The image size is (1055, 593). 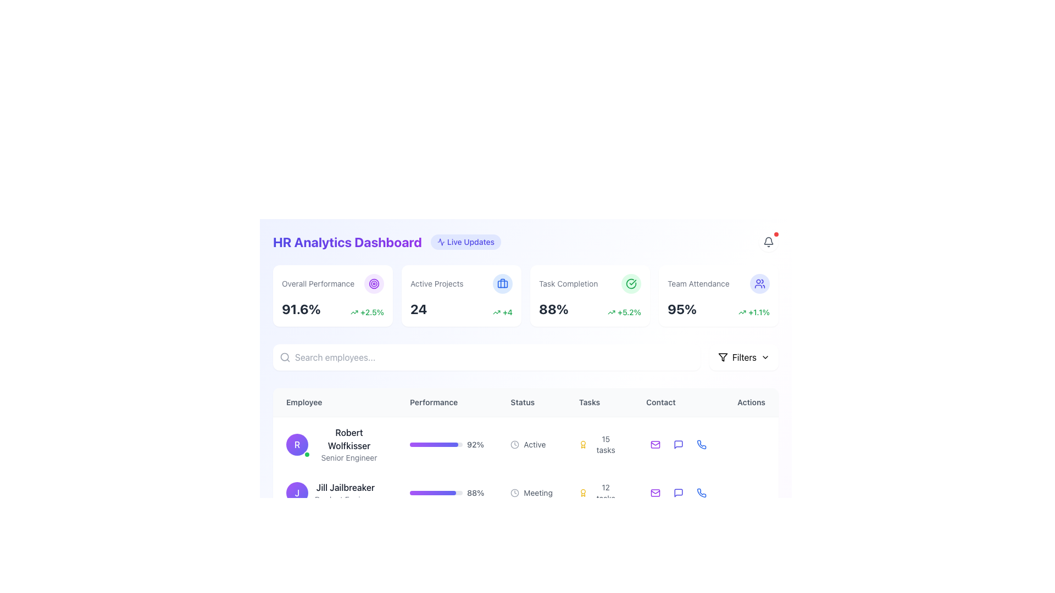 What do you see at coordinates (496, 312) in the screenshot?
I see `the visual representation of the upward-trending graph icon located near the numeric text '+4' in the 'Active Projects' card on the dashboard` at bounding box center [496, 312].